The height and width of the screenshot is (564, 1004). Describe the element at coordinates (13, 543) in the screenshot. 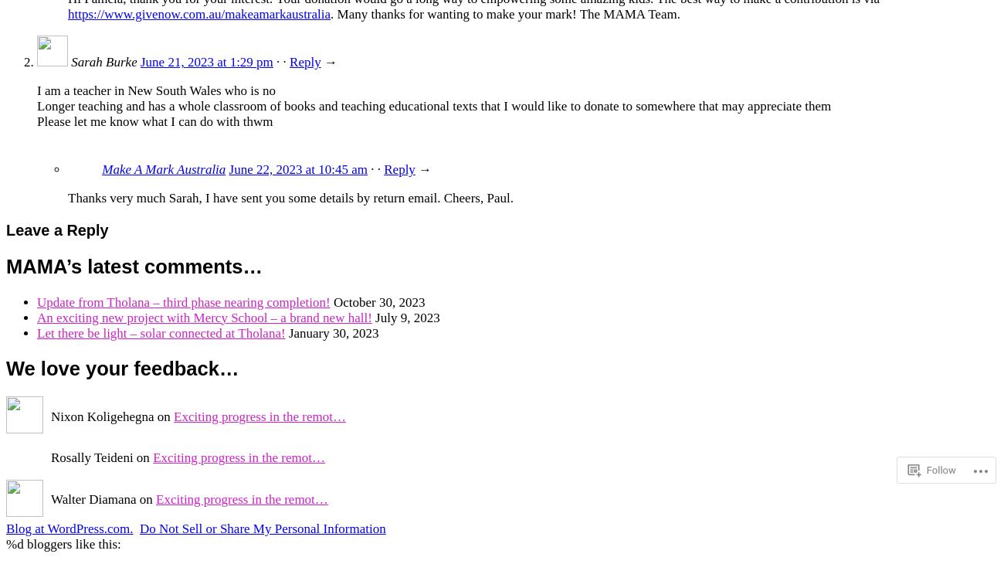

I see `'%d'` at that location.